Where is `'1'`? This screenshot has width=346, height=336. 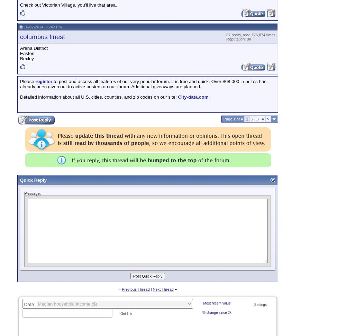
'1' is located at coordinates (247, 119).